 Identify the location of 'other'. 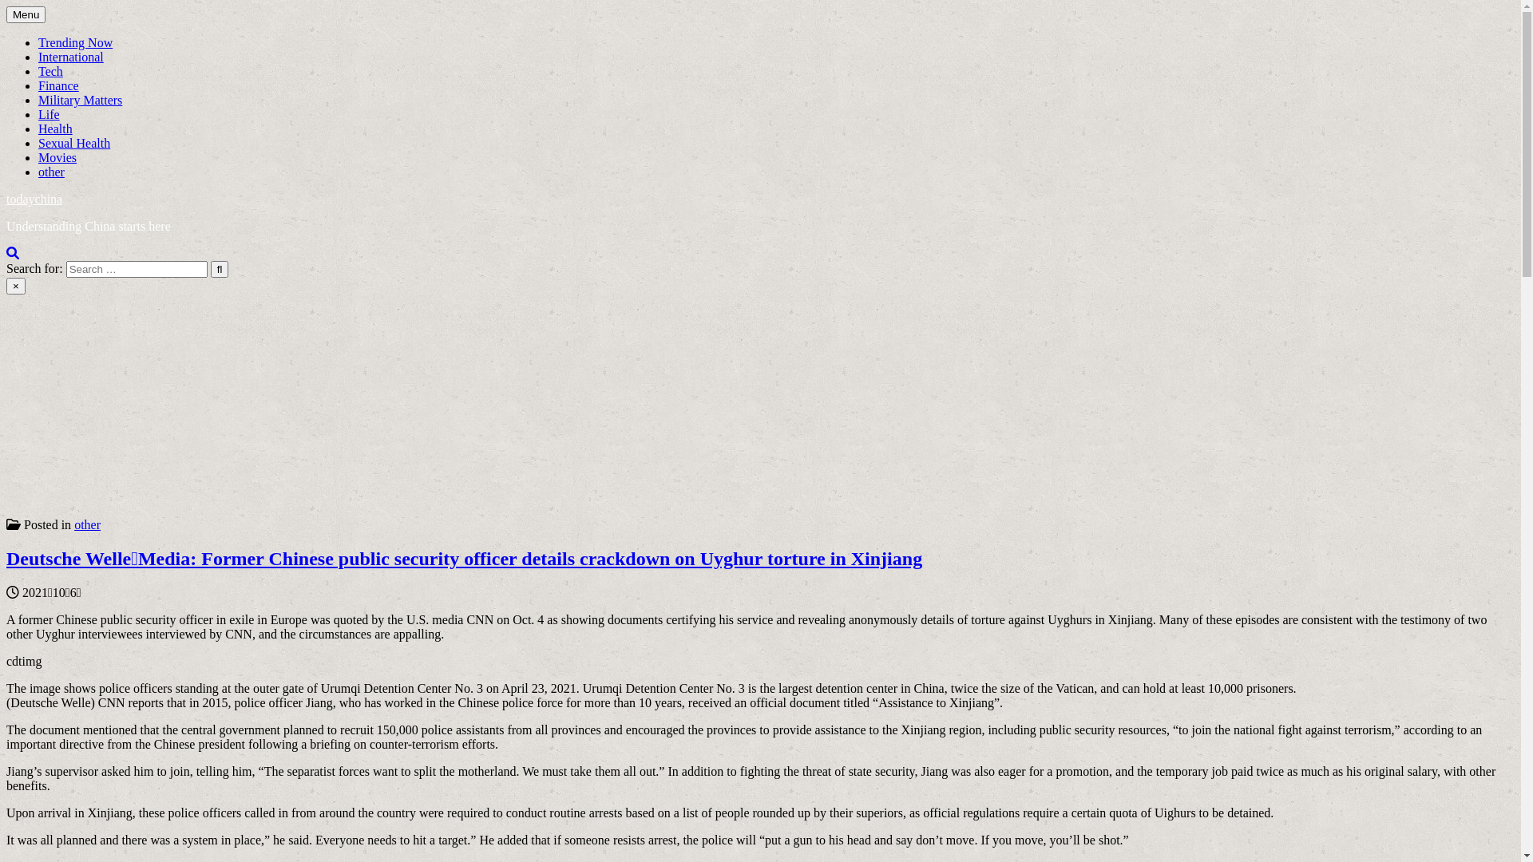
(73, 524).